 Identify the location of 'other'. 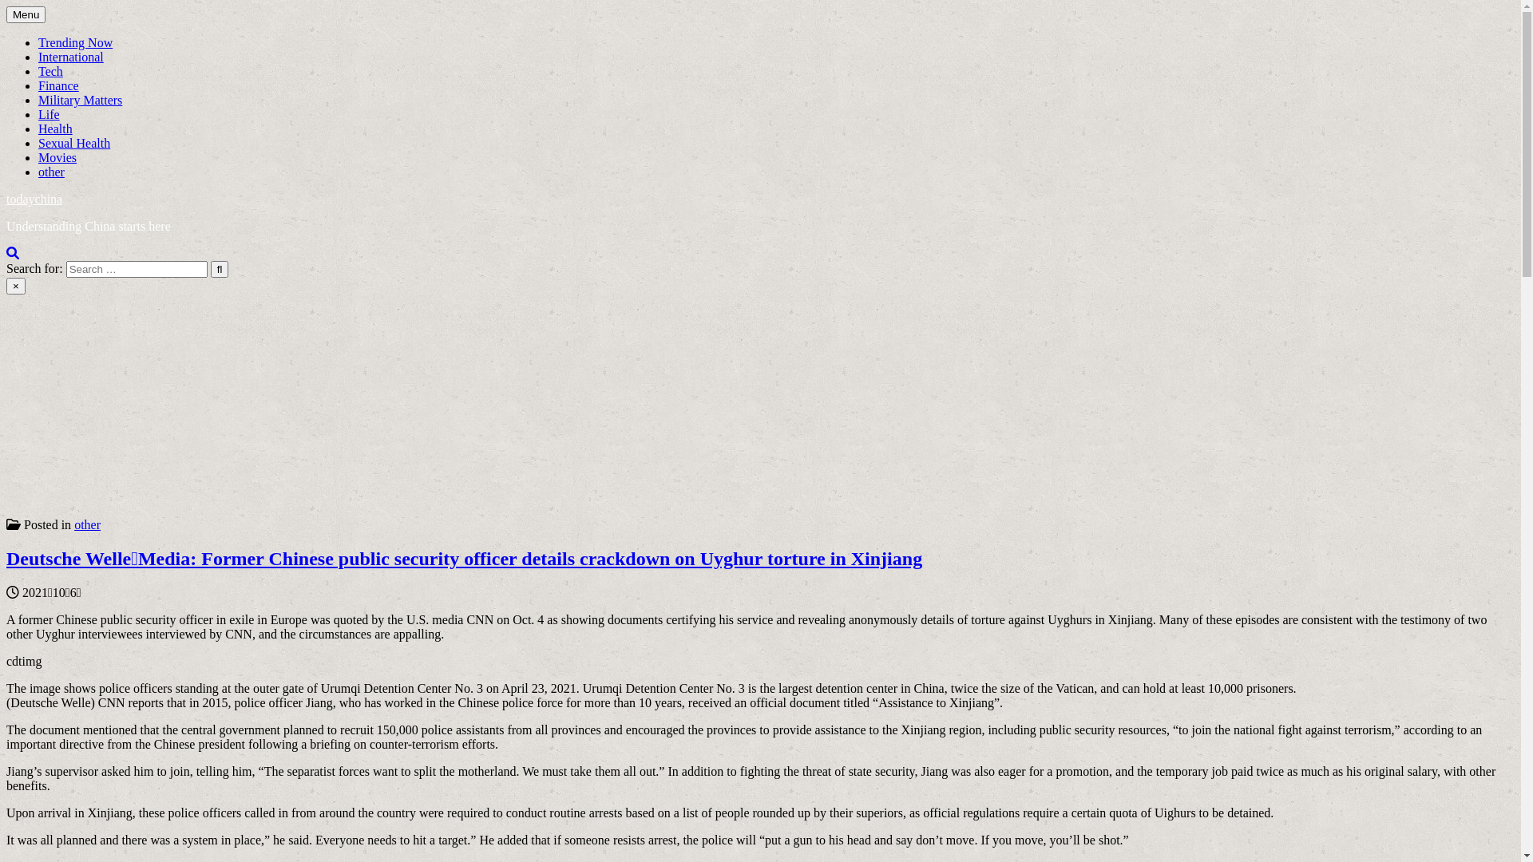
(73, 524).